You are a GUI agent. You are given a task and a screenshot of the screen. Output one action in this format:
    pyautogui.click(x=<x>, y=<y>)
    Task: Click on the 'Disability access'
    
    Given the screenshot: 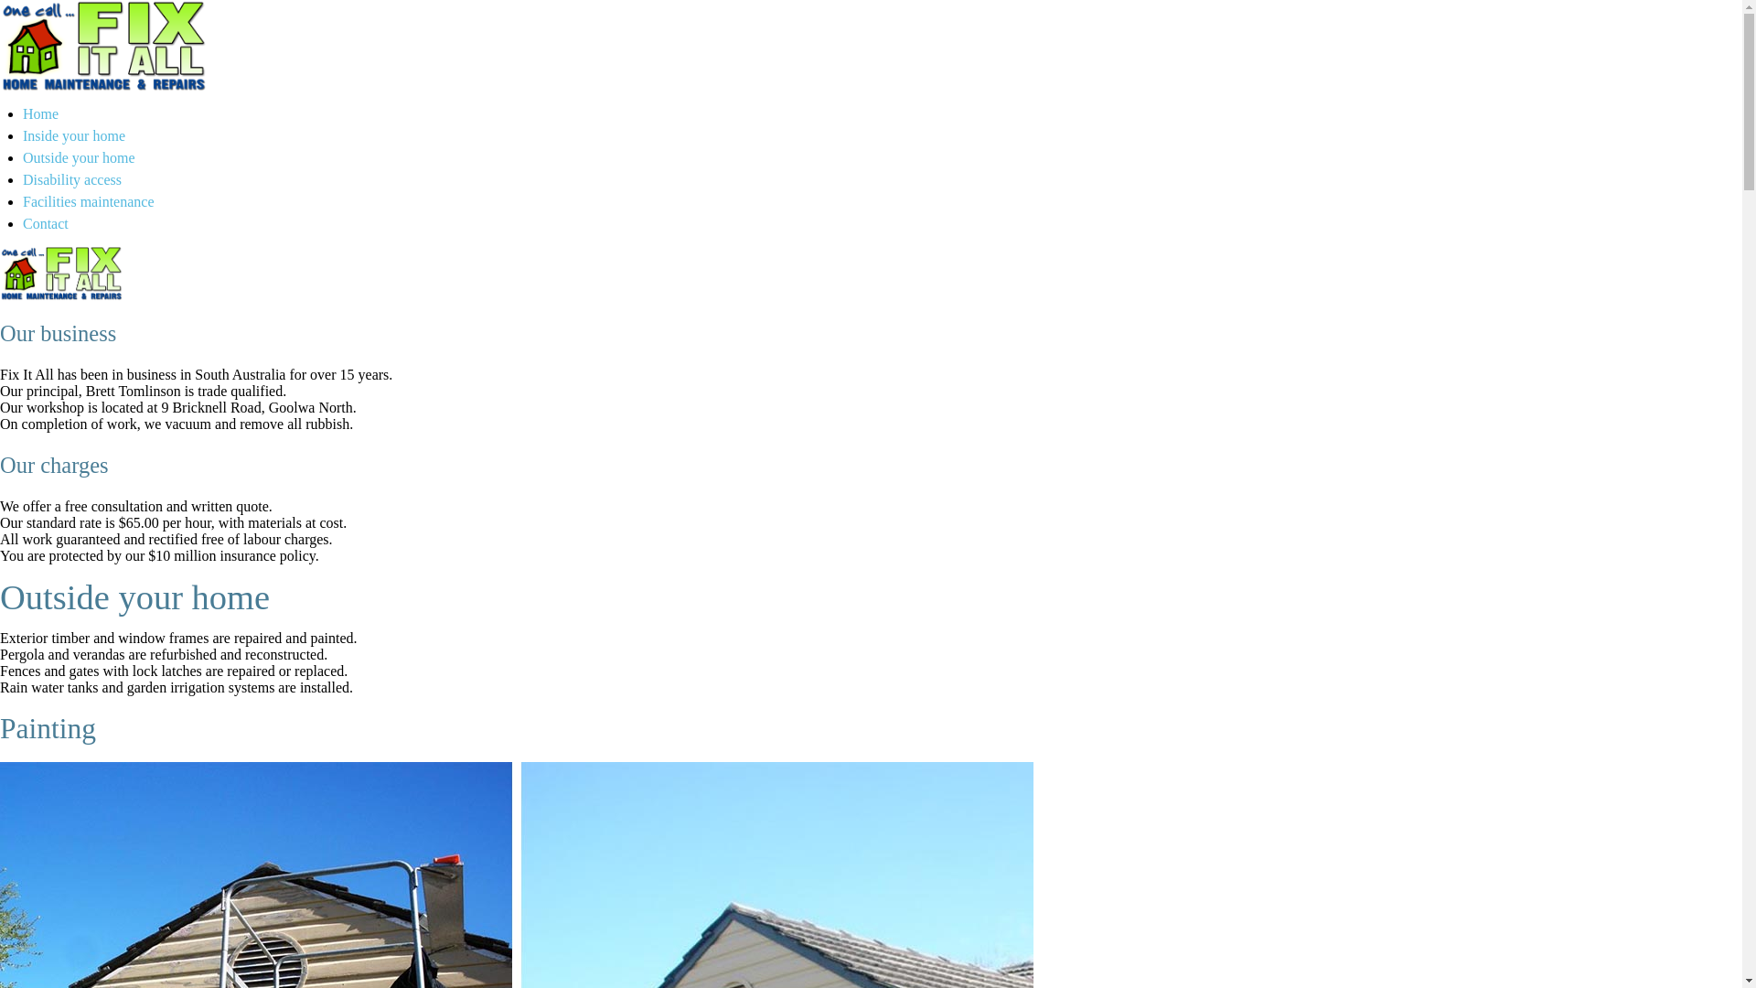 What is the action you would take?
    pyautogui.click(x=71, y=179)
    